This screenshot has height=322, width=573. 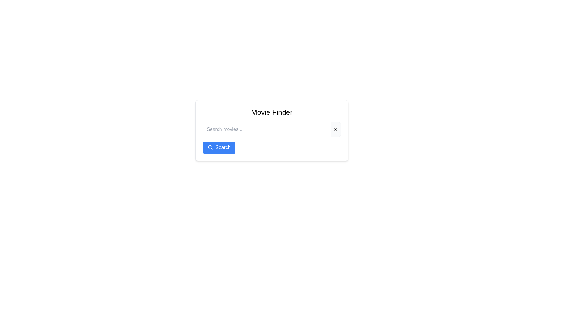 I want to click on the SVG Circle that represents the head of the search icon within the 'Movie Finder' button, located at the bottom-left of the main interface card, so click(x=210, y=147).